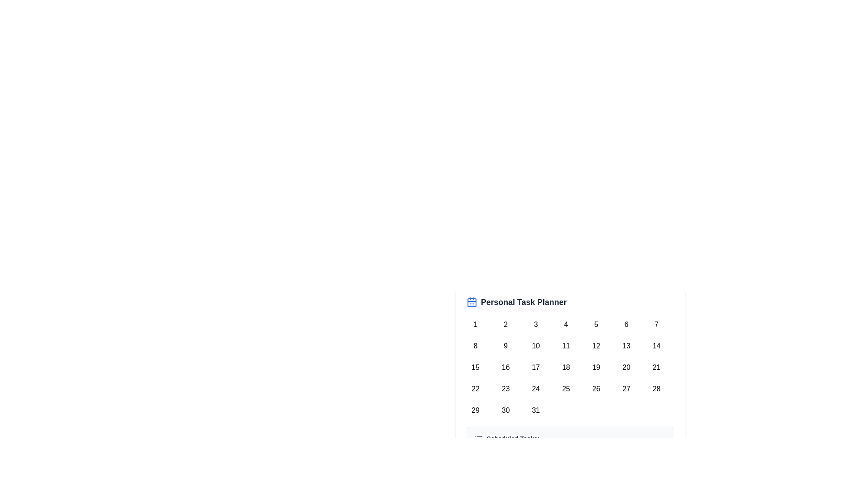 Image resolution: width=859 pixels, height=483 pixels. I want to click on the circular button with a white background and text '24', so click(536, 389).